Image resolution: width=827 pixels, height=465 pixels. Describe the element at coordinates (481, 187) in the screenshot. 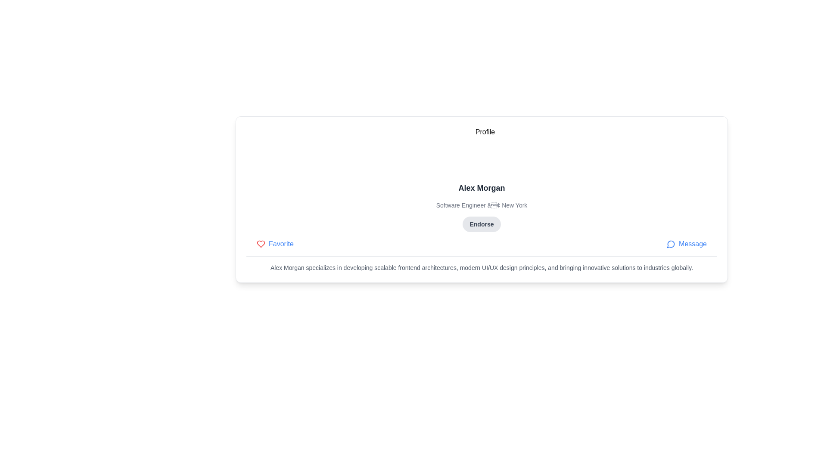

I see `the text label displaying 'Alex Morgan', which is a large, bold, dark gray font positioned above the subtitle and endorsement button` at that location.